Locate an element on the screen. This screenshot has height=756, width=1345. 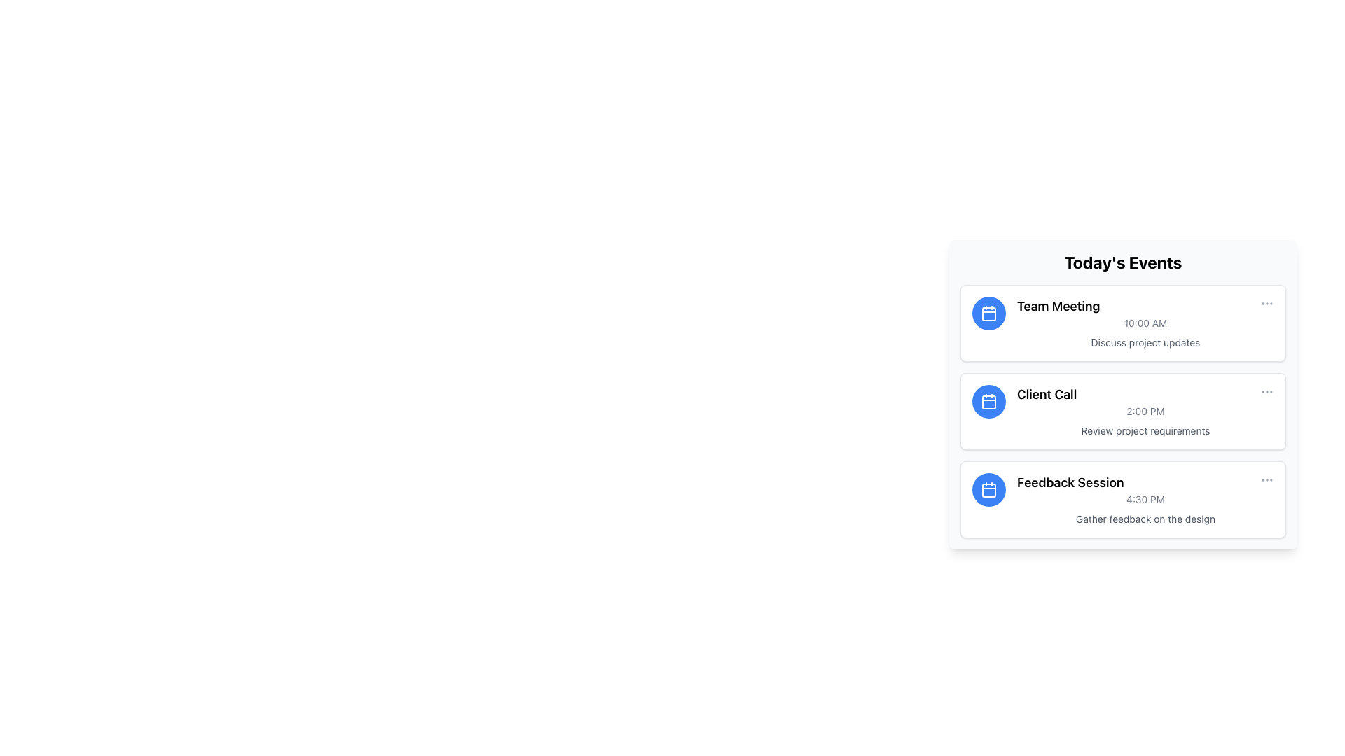
on the list item representing the scheduled event titled 'Client Call' is located at coordinates (1145, 410).